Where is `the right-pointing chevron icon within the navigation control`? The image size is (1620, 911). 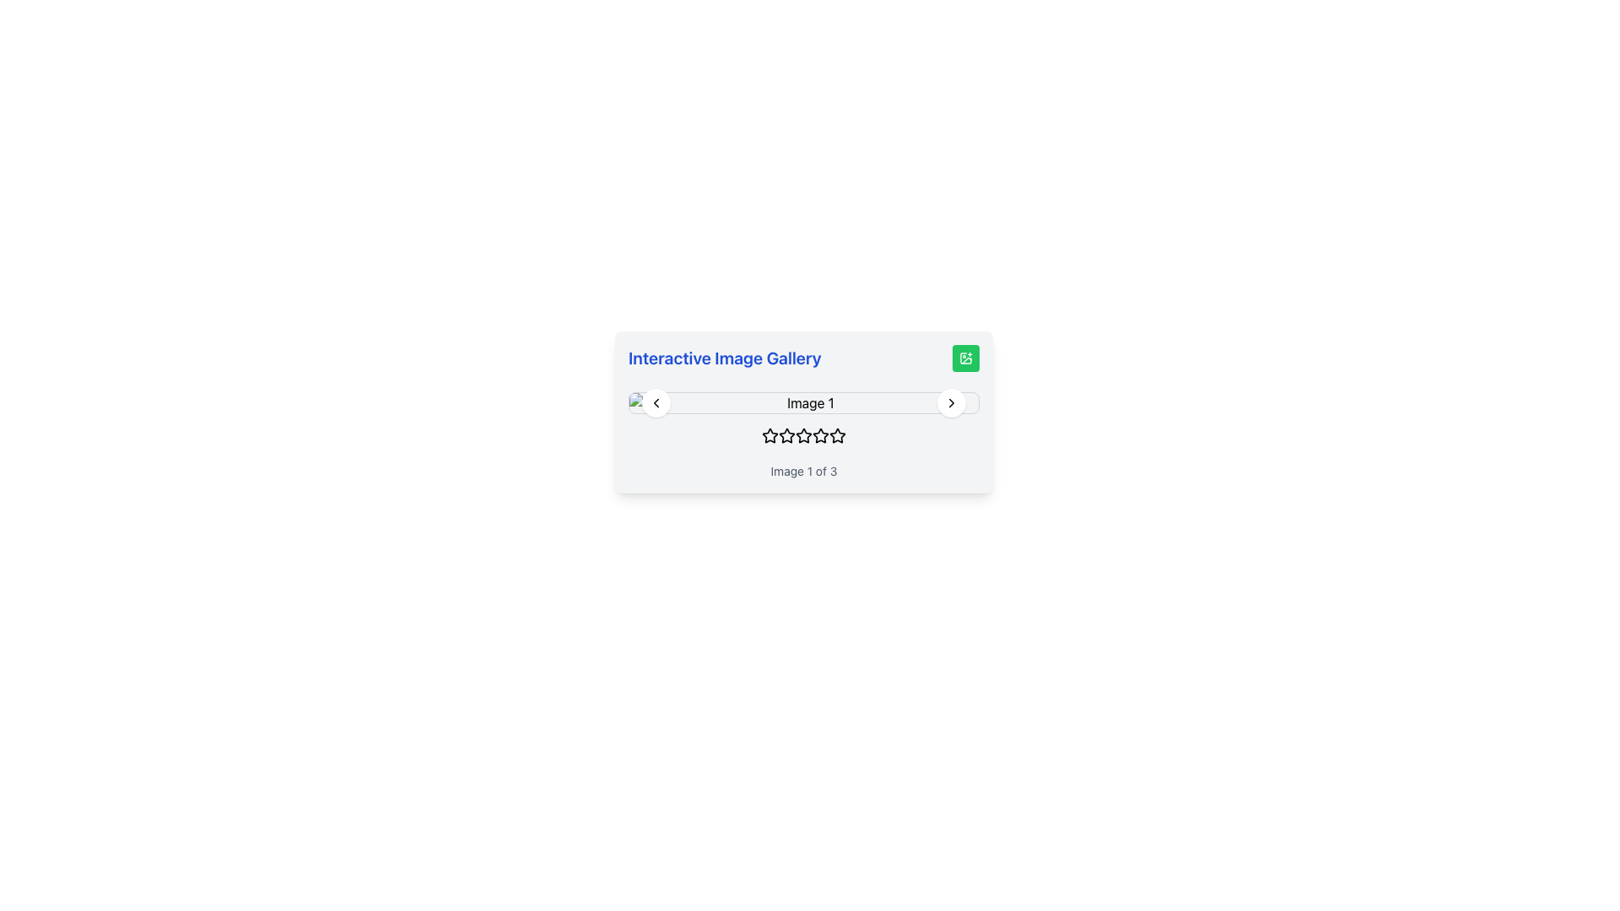
the right-pointing chevron icon within the navigation control is located at coordinates (952, 403).